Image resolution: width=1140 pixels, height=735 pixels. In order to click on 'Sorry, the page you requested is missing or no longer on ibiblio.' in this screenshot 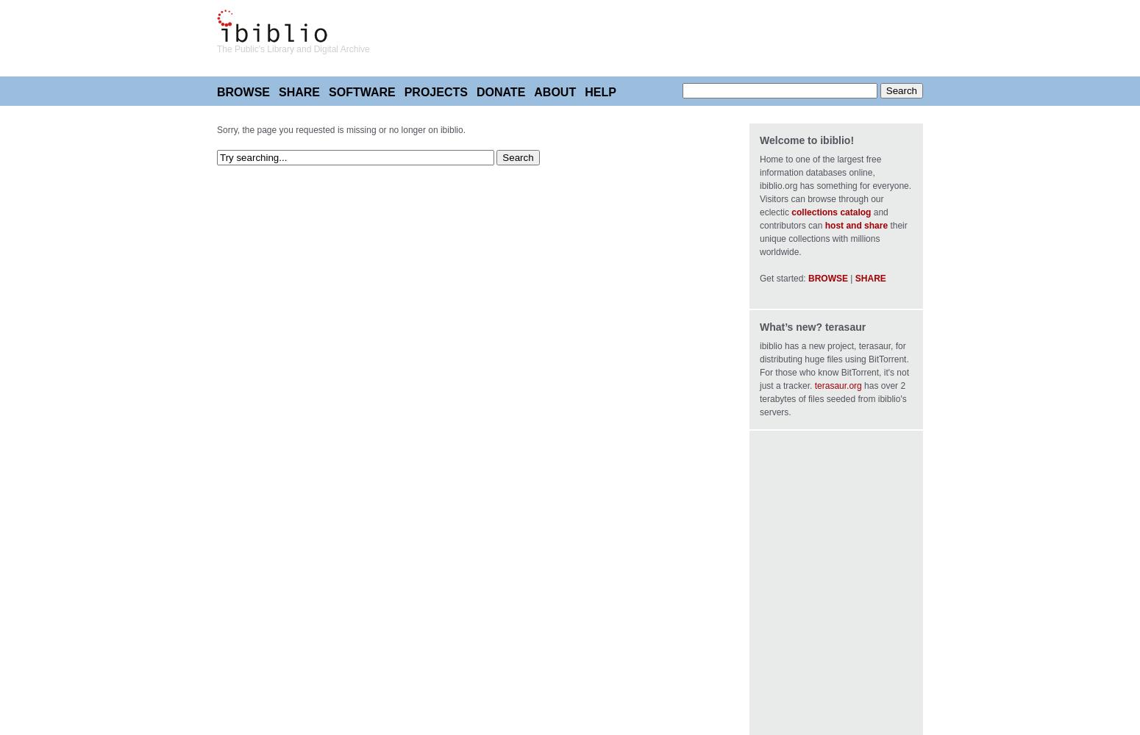, I will do `click(341, 130)`.